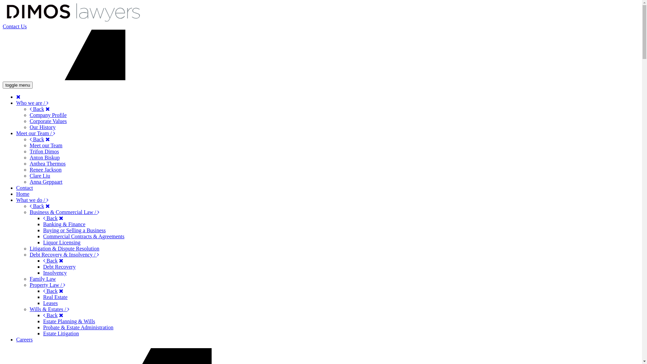 The width and height of the screenshot is (647, 364). I want to click on 'Estate Planning & Wills', so click(69, 321).